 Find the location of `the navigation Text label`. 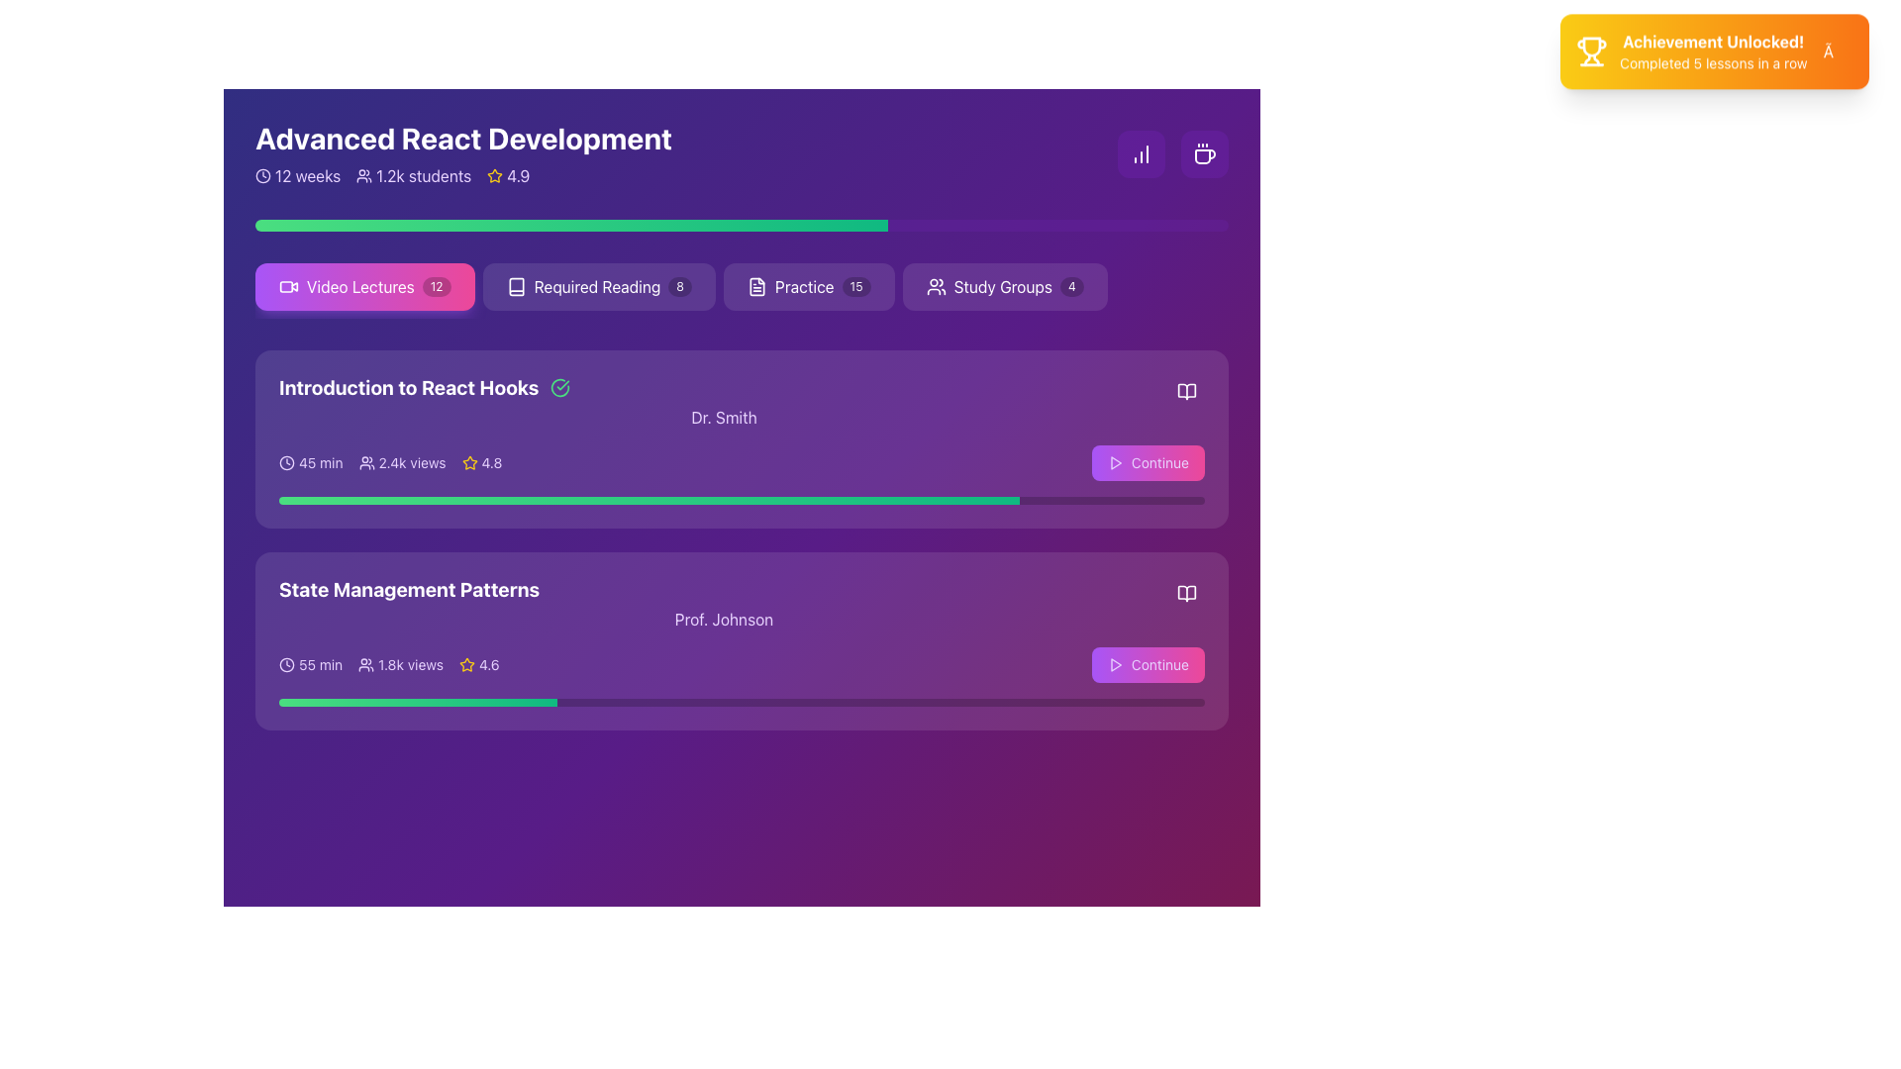

the navigation Text label is located at coordinates (596, 286).